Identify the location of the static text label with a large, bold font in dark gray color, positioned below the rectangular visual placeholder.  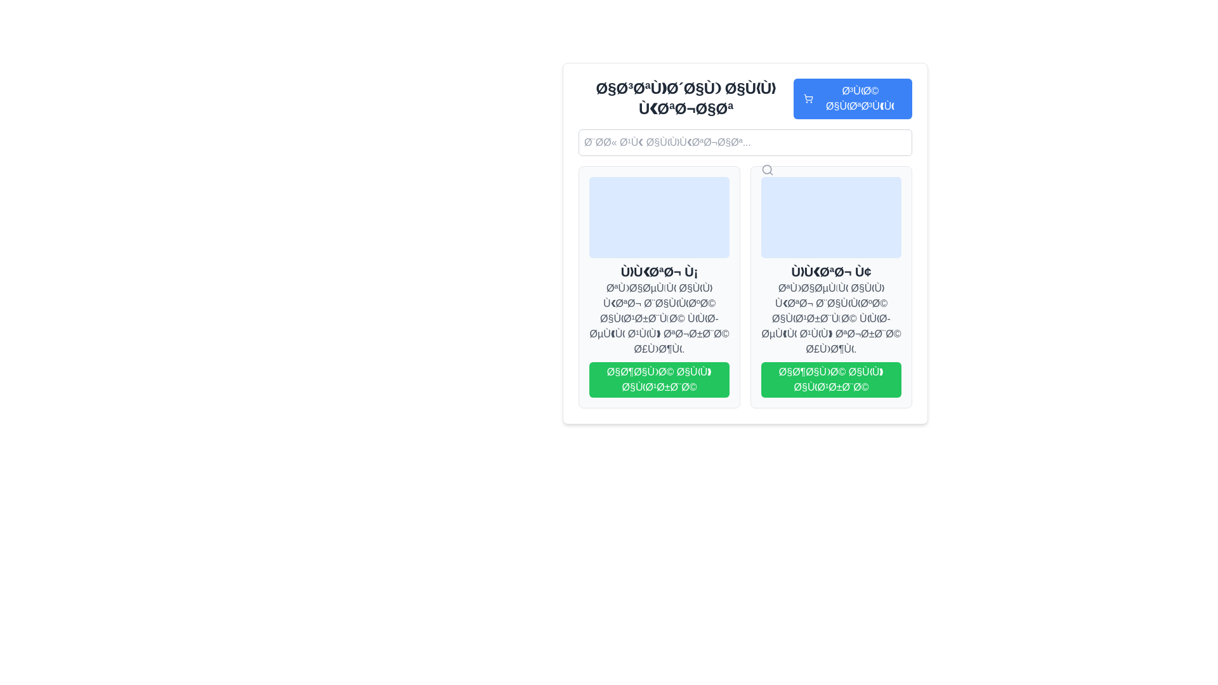
(659, 271).